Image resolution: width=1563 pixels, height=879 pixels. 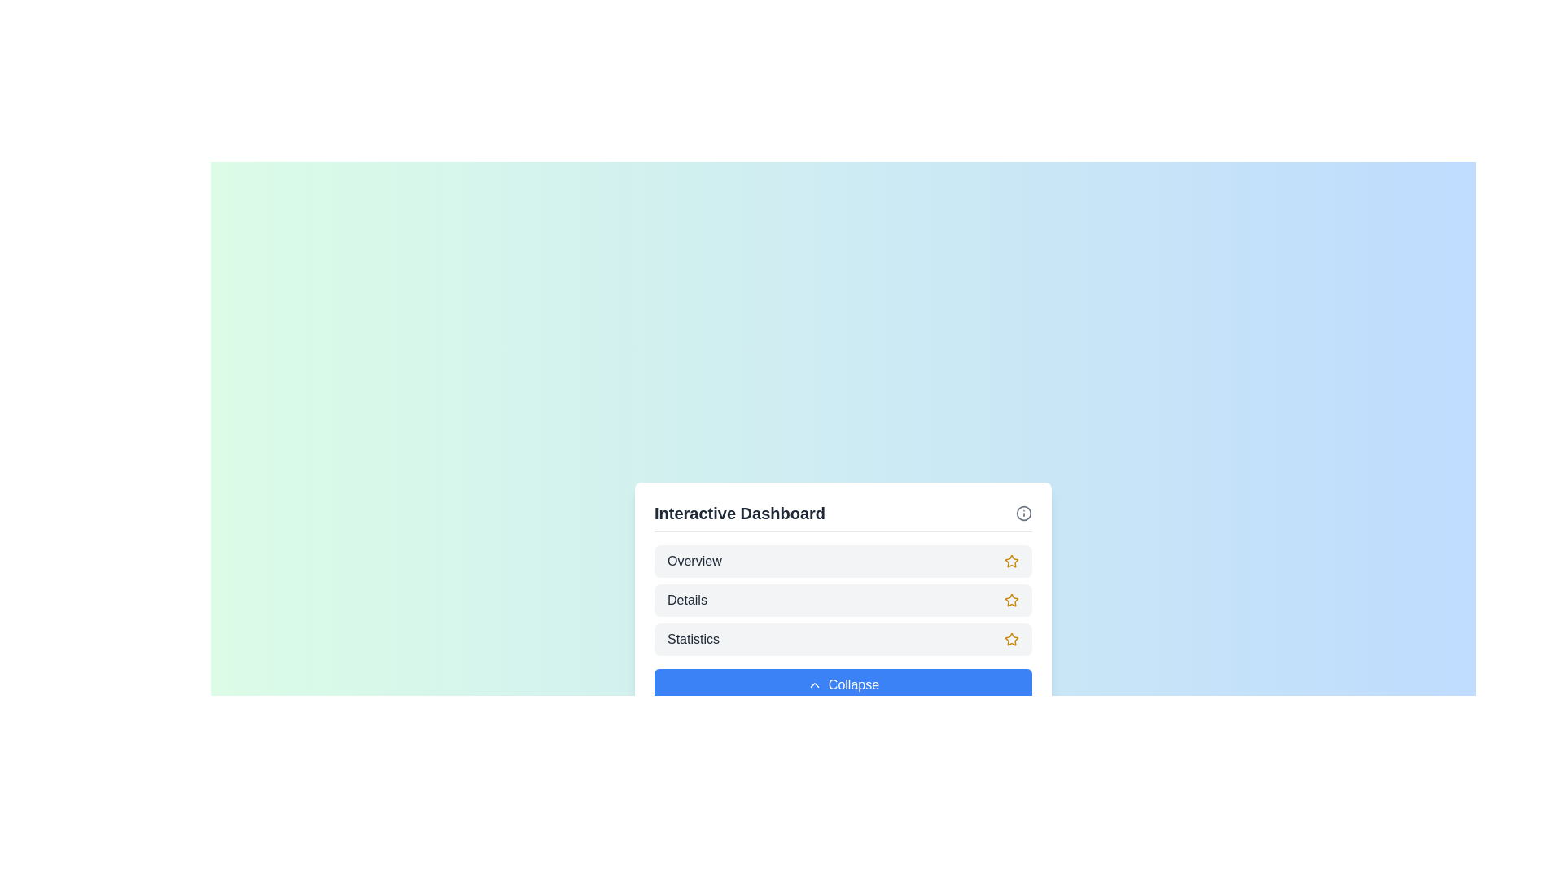 What do you see at coordinates (1022, 513) in the screenshot?
I see `the SVG Circle that forms part of the information icon located in the top-right corner of the user interface, which provides guidance about the dashboard features` at bounding box center [1022, 513].